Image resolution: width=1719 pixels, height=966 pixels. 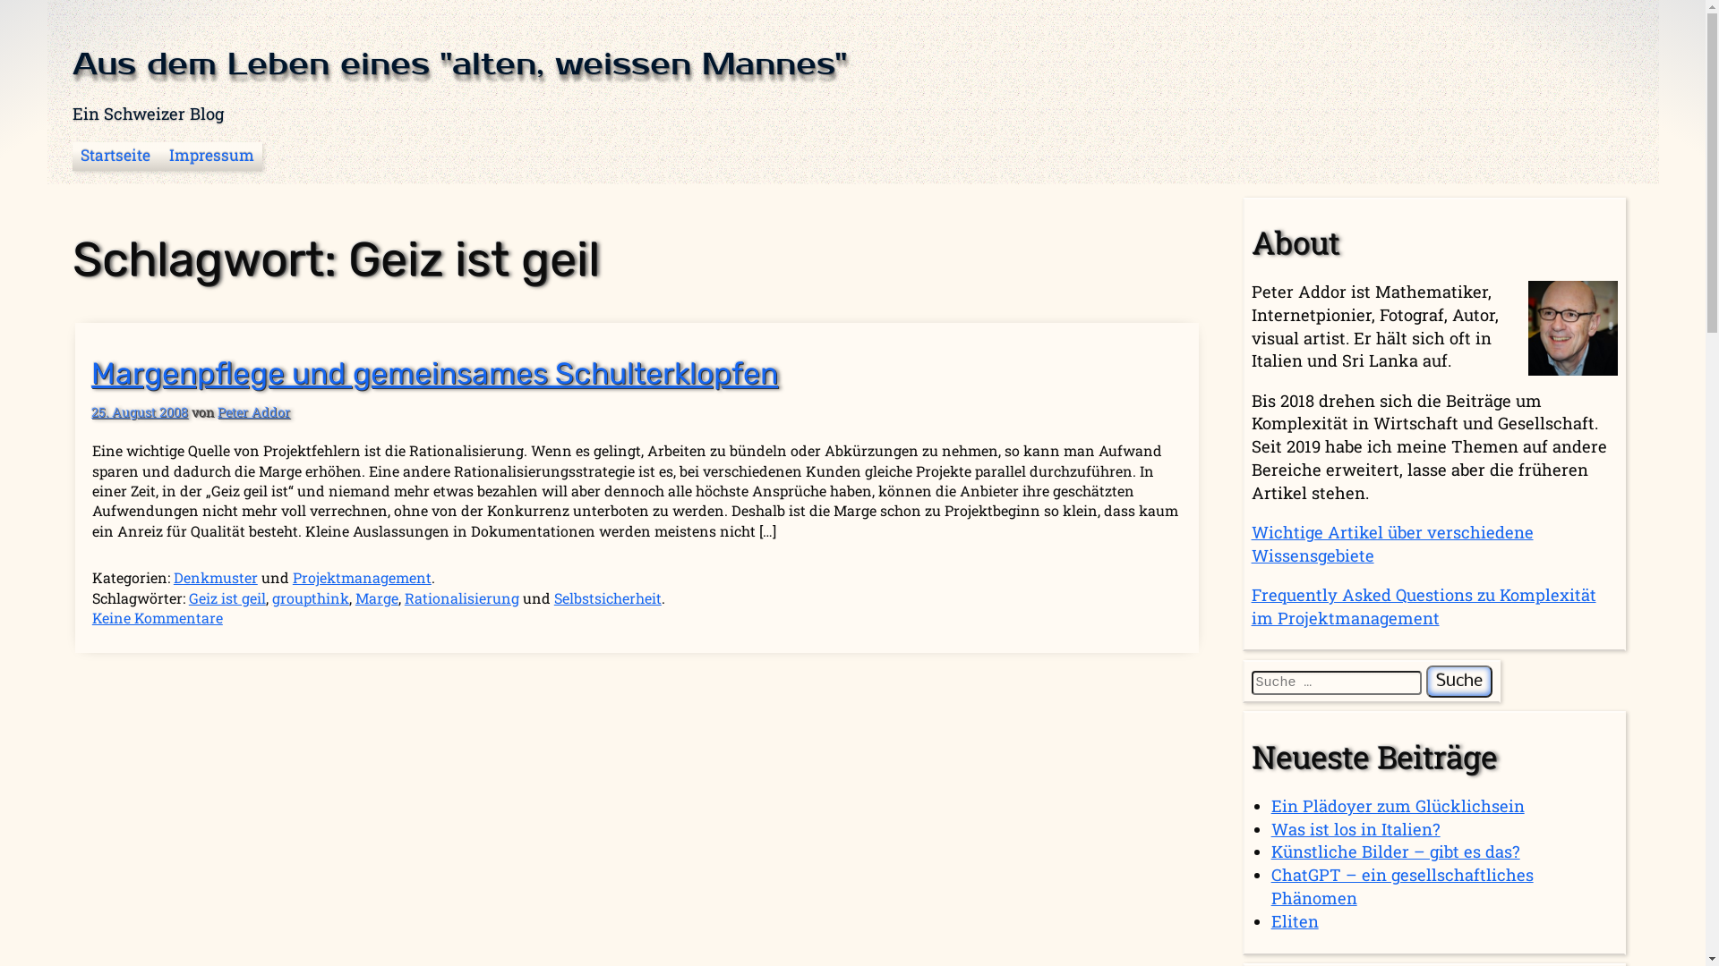 What do you see at coordinates (403, 597) in the screenshot?
I see `'Rationalisierung'` at bounding box center [403, 597].